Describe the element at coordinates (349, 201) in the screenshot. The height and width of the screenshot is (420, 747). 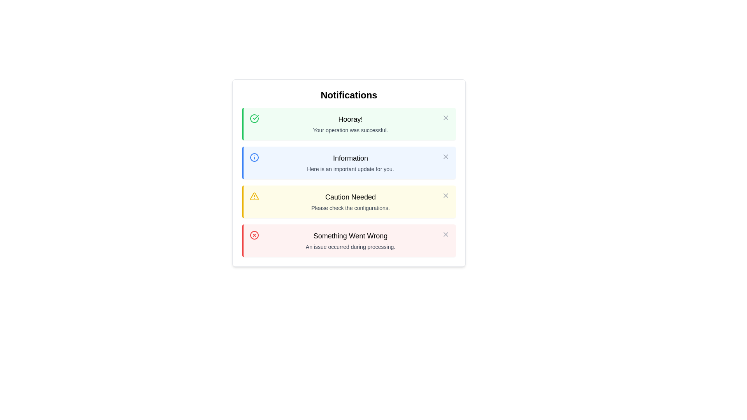
I see `the third notification card in the vertical stack under the 'Notifications' heading` at that location.